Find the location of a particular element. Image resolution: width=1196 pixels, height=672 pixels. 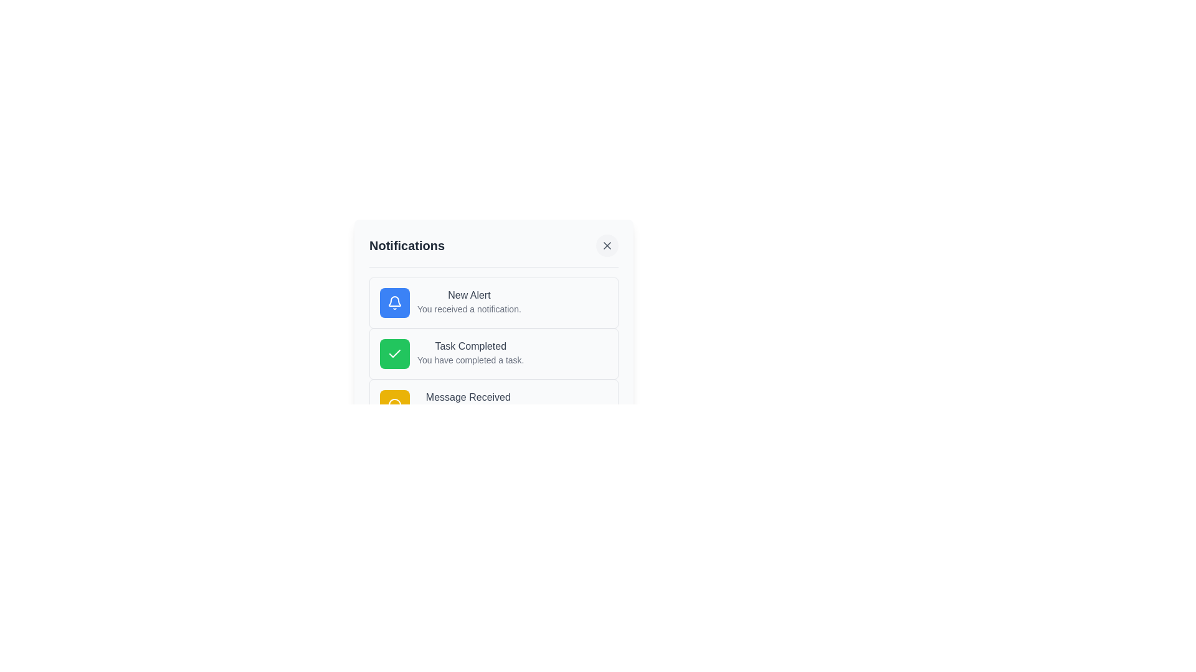

the Notification card that informs the user about the successful completion of a task, which is centrally aligned within the notification box is located at coordinates (493, 354).